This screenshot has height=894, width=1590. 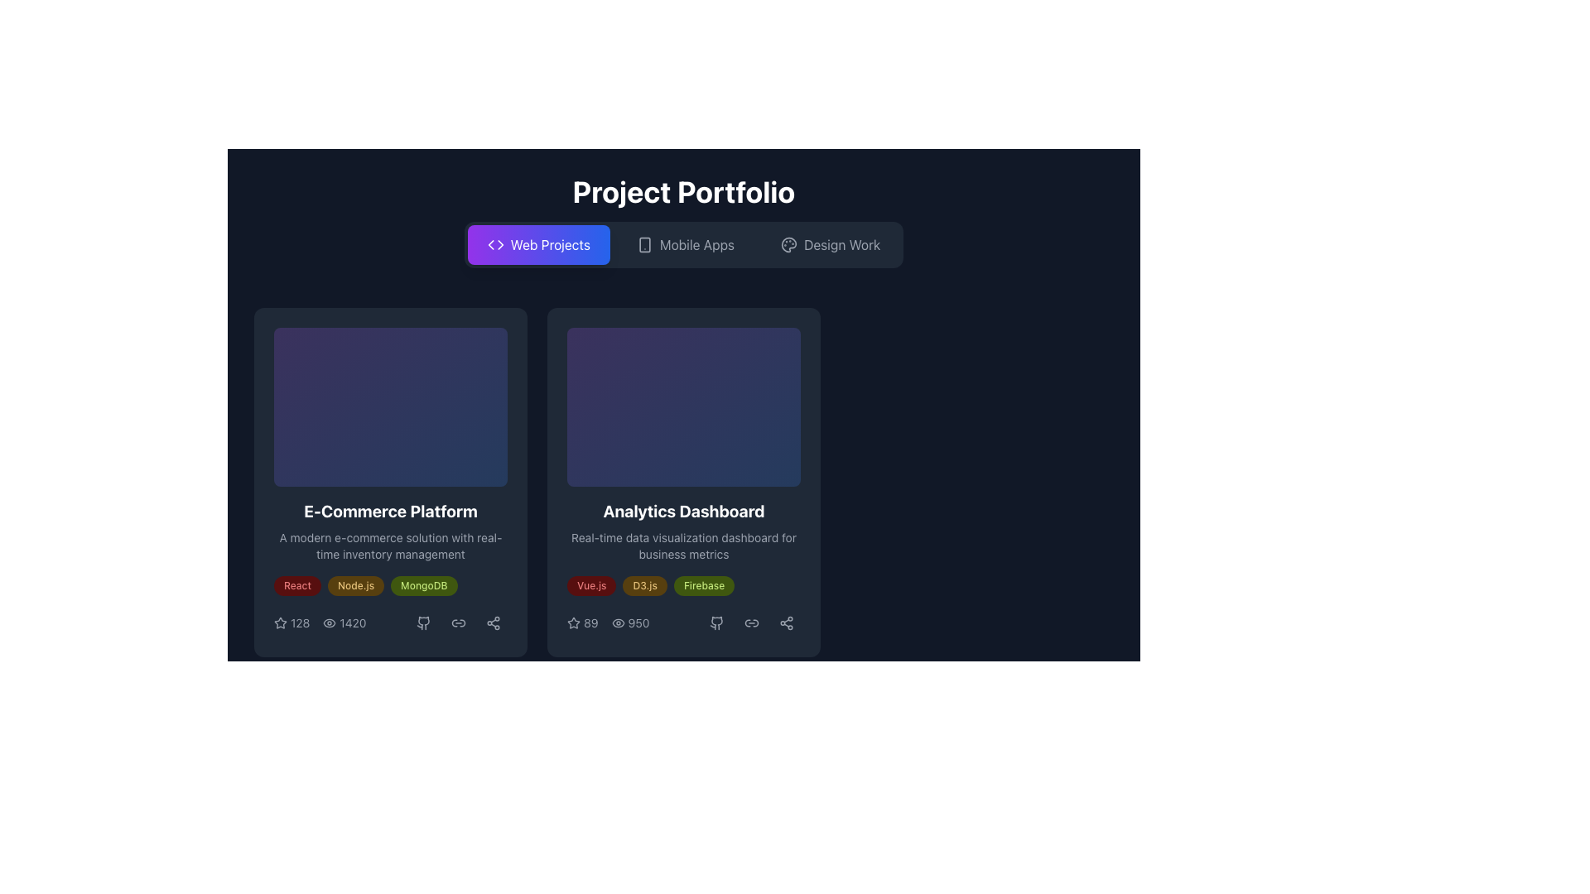 What do you see at coordinates (638, 622) in the screenshot?
I see `displayed number '950' from the text component located in the 'Analytics Dashboard' card, positioned to the right of the eye icon` at bounding box center [638, 622].